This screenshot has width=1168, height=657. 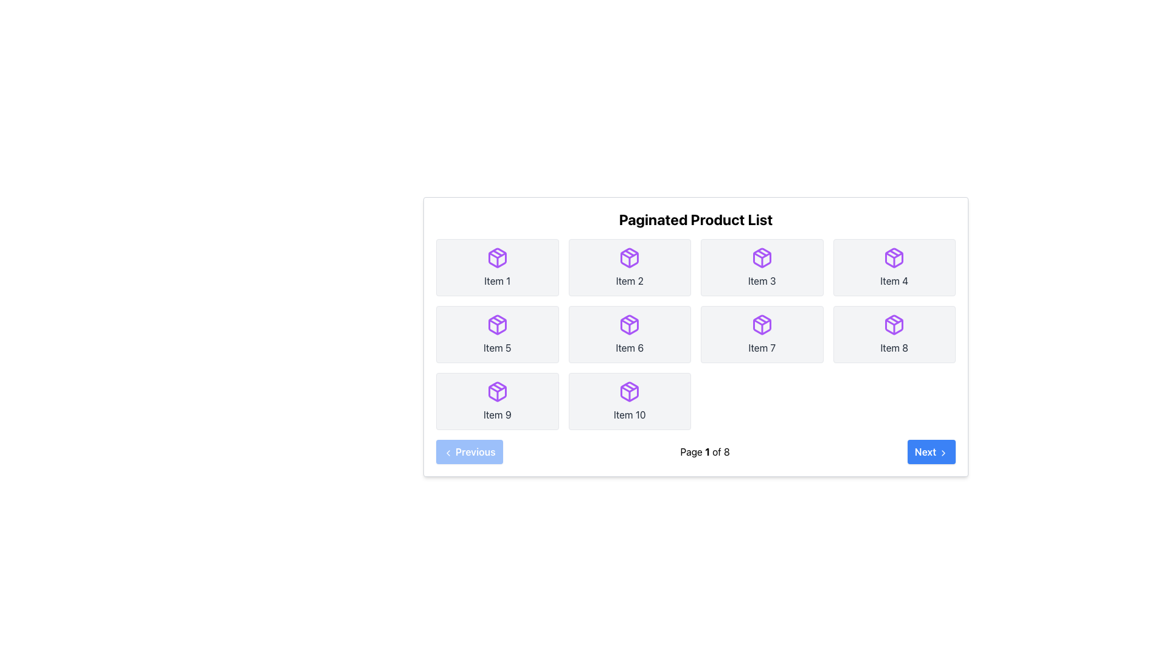 What do you see at coordinates (630, 266) in the screenshot?
I see `the second grid item card, which has a light gray background, rounded corners, and a purple package icon at the top with the text 'Item 2' below it` at bounding box center [630, 266].